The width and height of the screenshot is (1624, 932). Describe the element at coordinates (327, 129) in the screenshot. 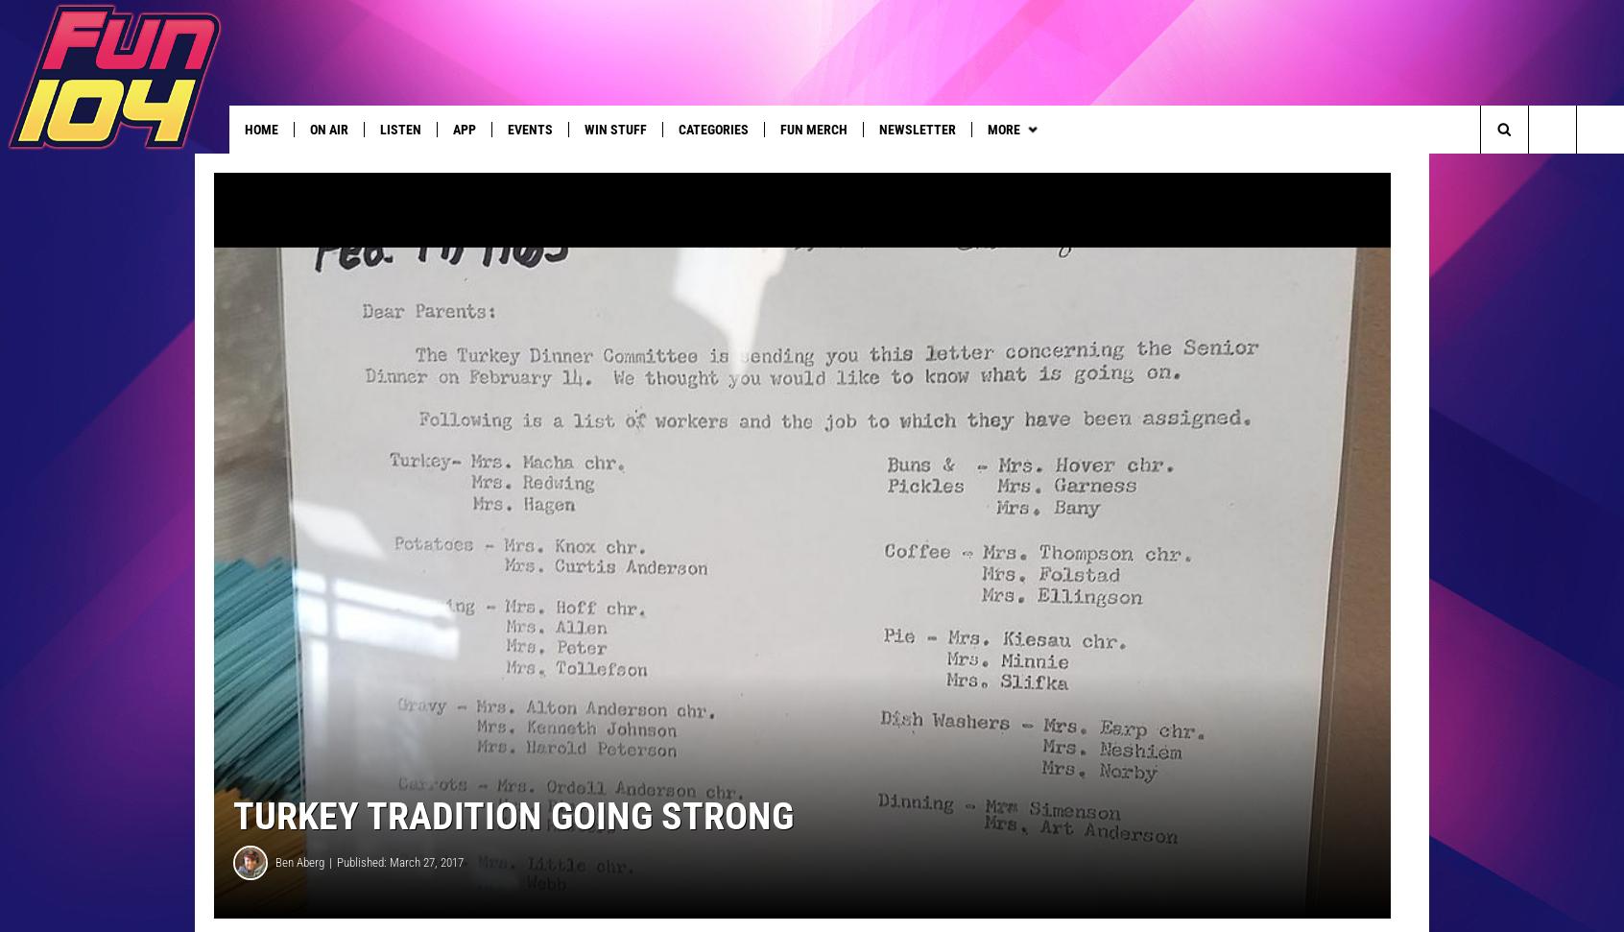

I see `'On Air'` at that location.